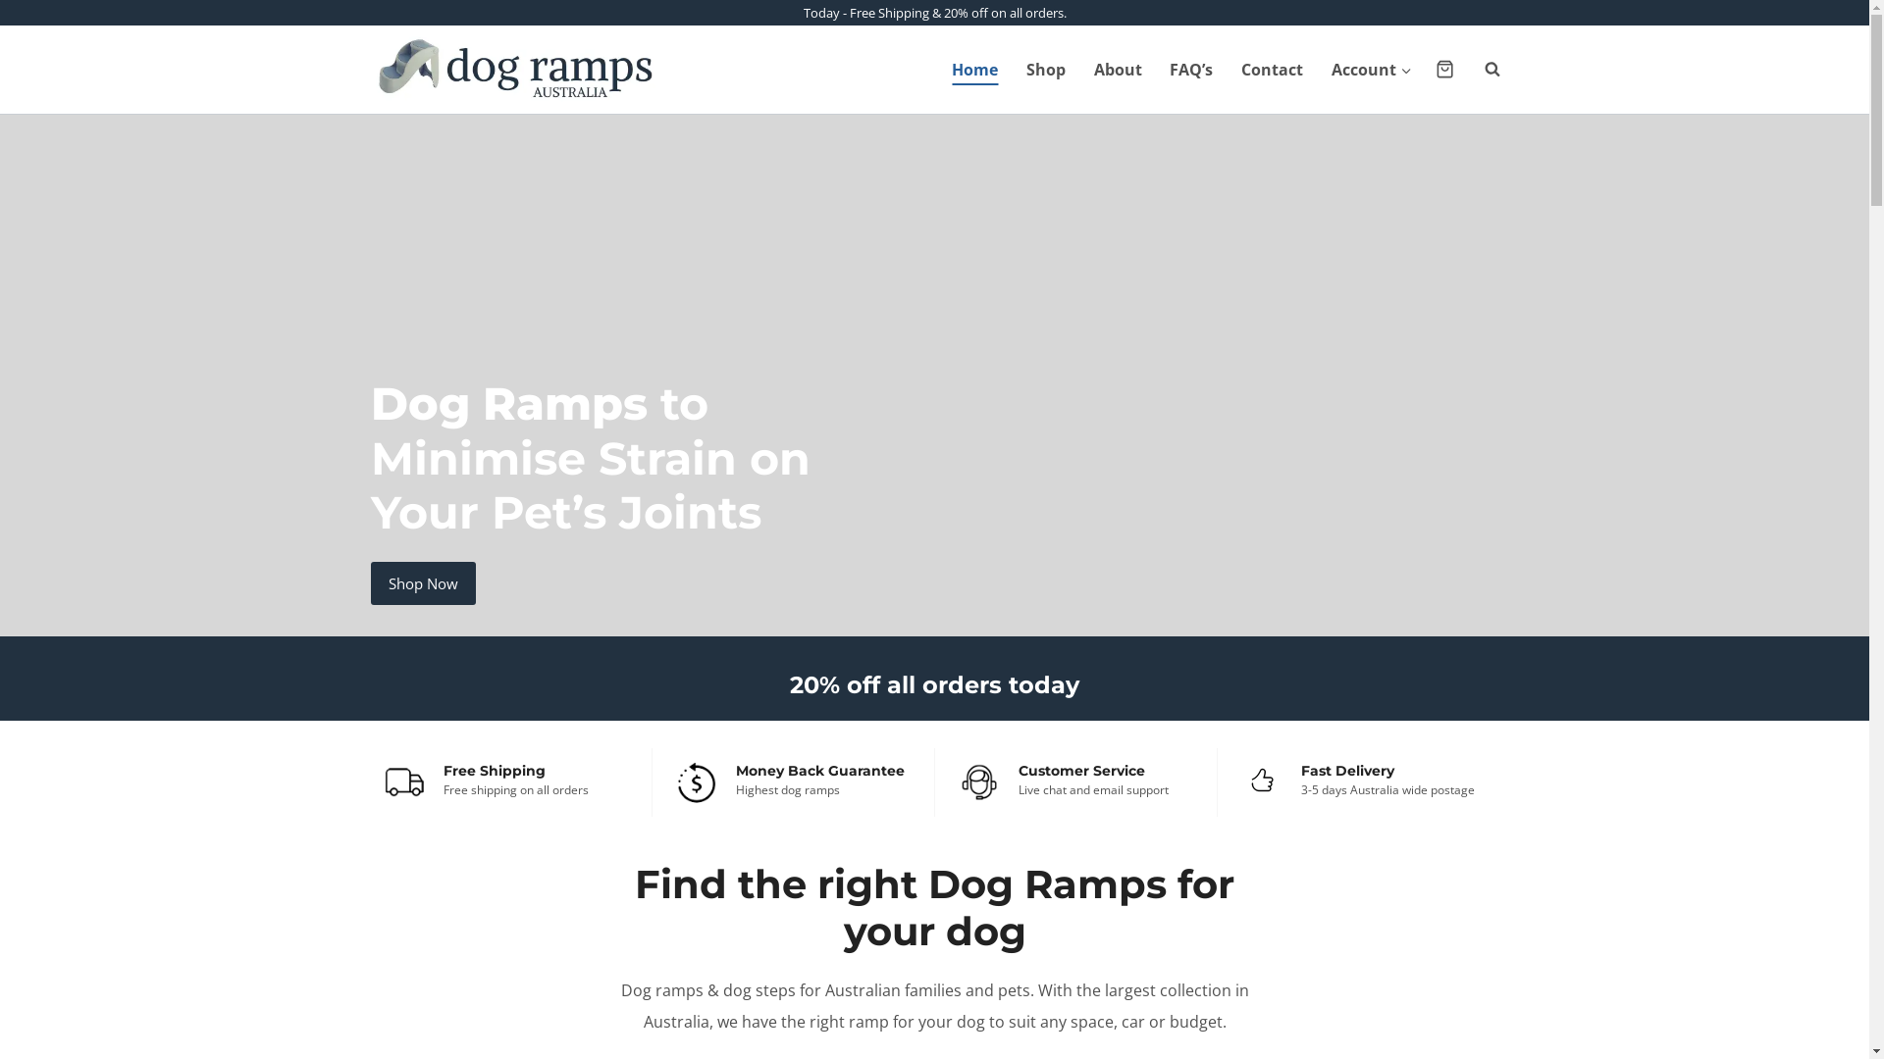 The height and width of the screenshot is (1059, 1884). What do you see at coordinates (371, 581) in the screenshot?
I see `'Shop Now'` at bounding box center [371, 581].